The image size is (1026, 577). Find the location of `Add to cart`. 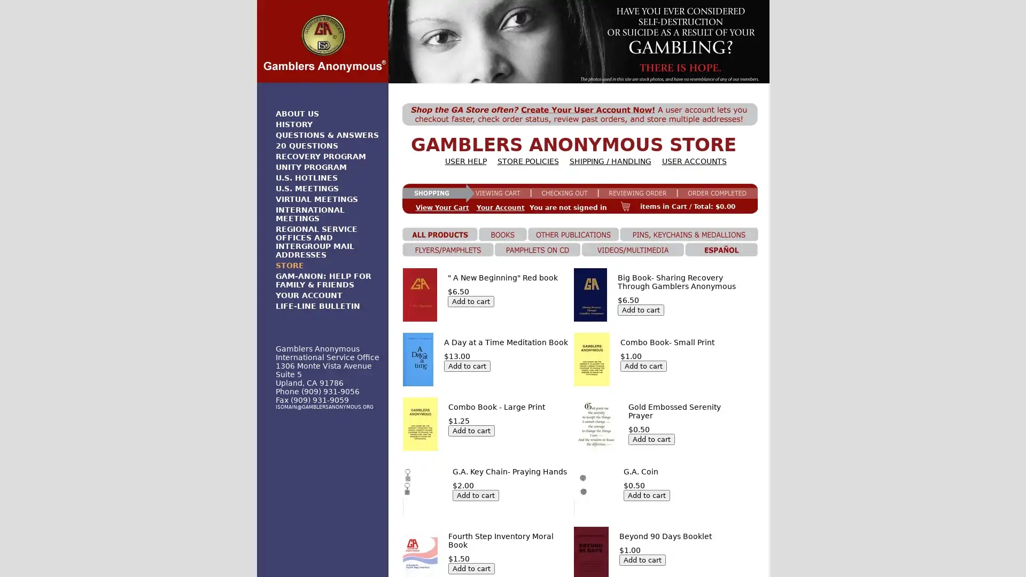

Add to cart is located at coordinates (646, 495).